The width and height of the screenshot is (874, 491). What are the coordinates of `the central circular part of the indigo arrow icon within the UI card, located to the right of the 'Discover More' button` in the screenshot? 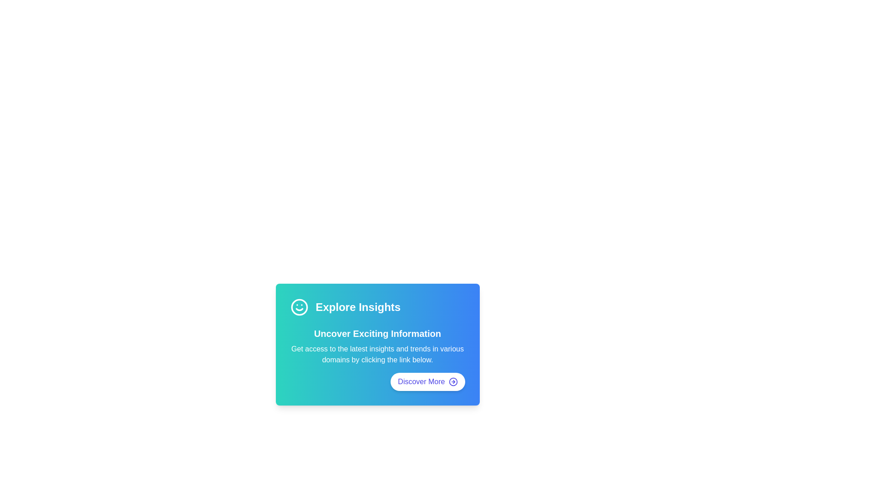 It's located at (453, 382).